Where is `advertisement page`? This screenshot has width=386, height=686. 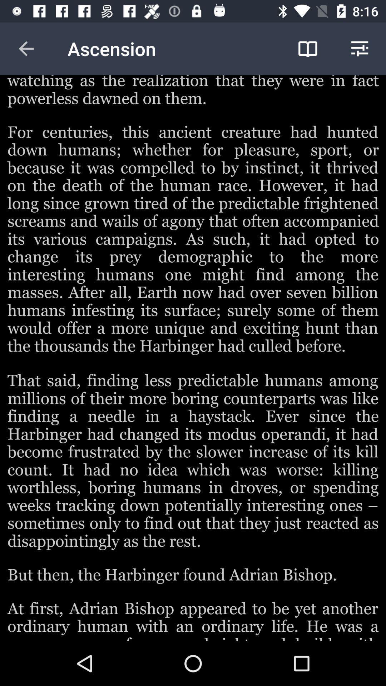
advertisement page is located at coordinates (193, 358).